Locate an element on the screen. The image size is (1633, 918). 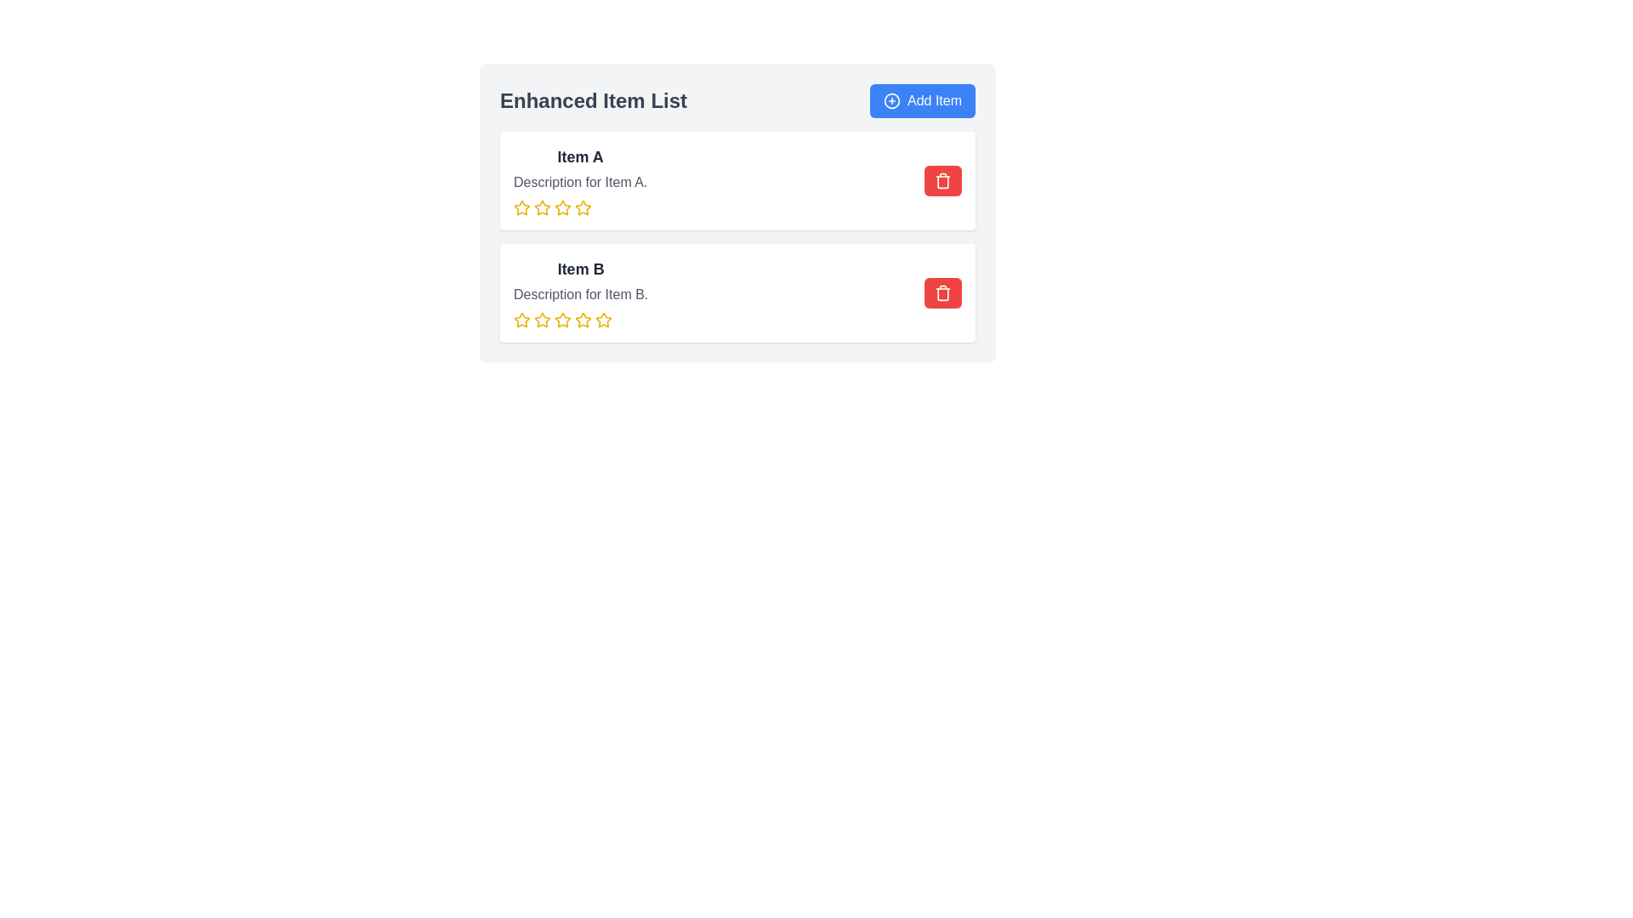
the first star-shaped icon with a yellow outline in the rating system below the 'Item A' description is located at coordinates (521, 207).